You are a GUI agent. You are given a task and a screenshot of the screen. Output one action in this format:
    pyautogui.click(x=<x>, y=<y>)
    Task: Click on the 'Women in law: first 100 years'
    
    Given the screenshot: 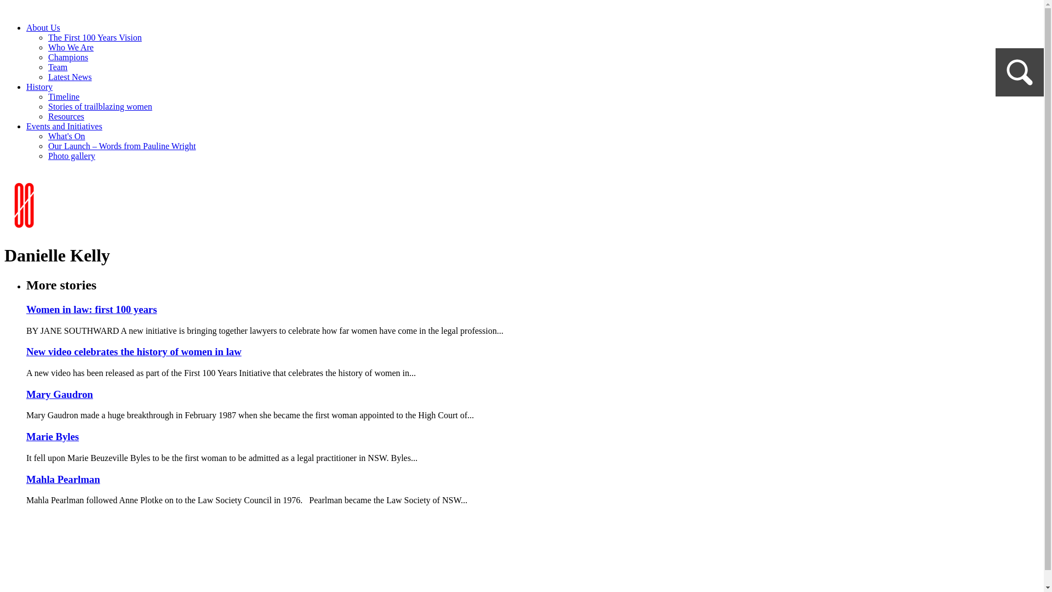 What is the action you would take?
    pyautogui.click(x=92, y=309)
    